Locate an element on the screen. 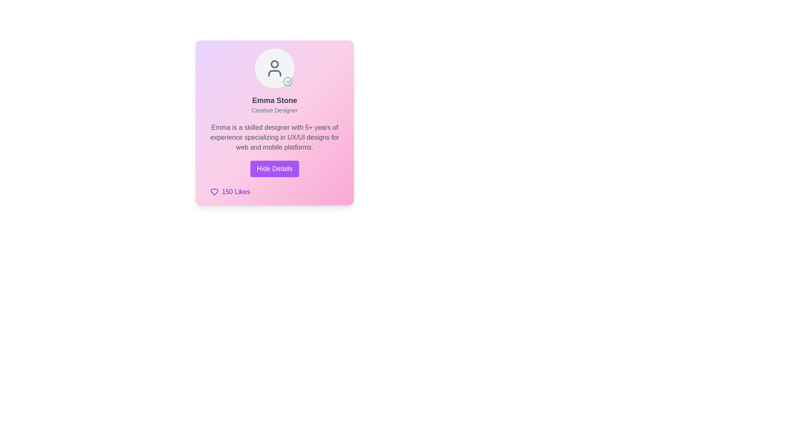 The width and height of the screenshot is (792, 445). the circular profile picture placeholder with a gray background and a user icon, located at the top-center of the card, above the name 'Emma Stone' is located at coordinates (275, 68).